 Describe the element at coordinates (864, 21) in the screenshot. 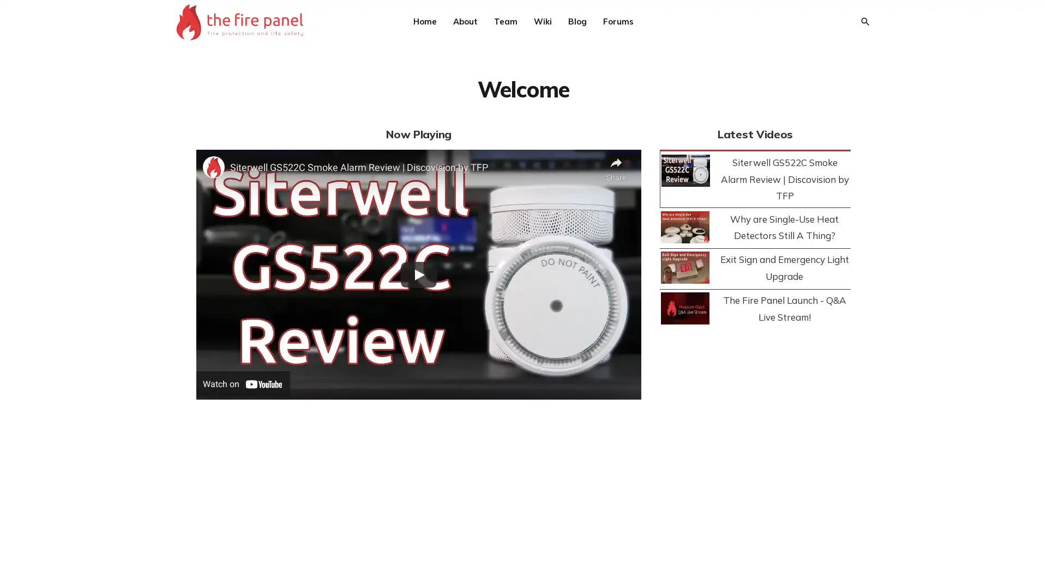

I see `Search` at that location.